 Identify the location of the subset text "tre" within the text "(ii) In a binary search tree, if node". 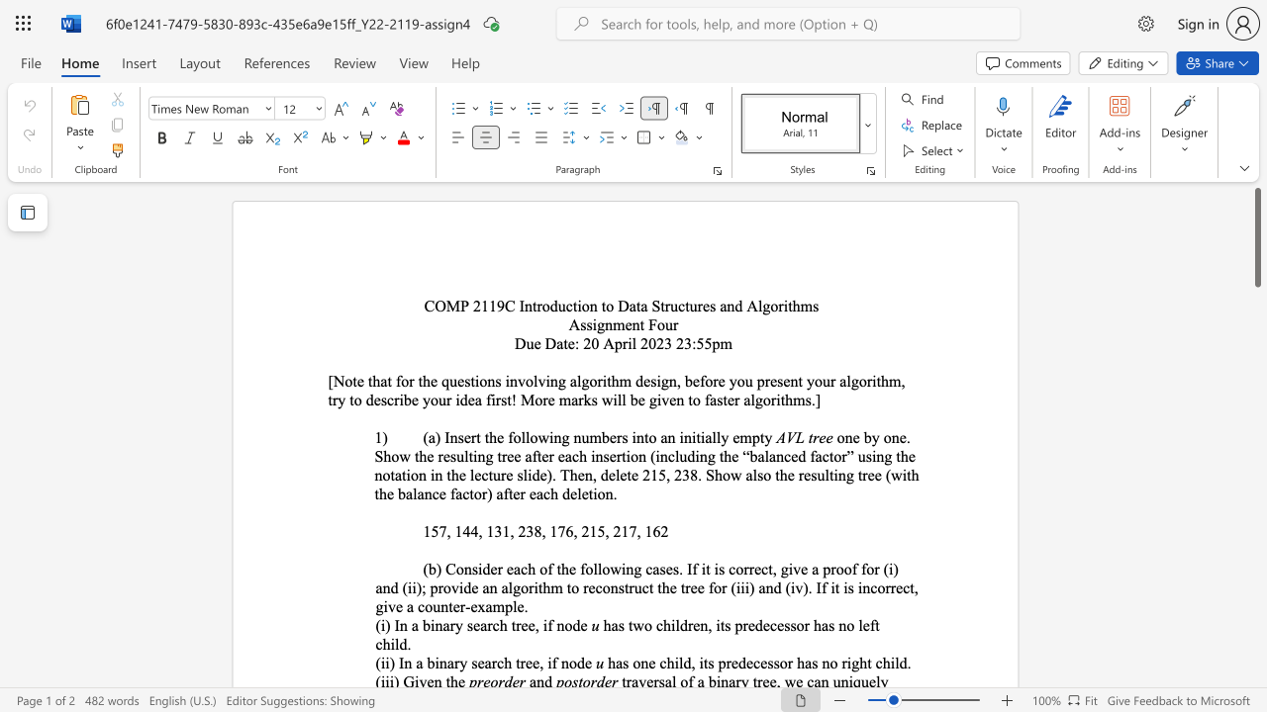
(516, 663).